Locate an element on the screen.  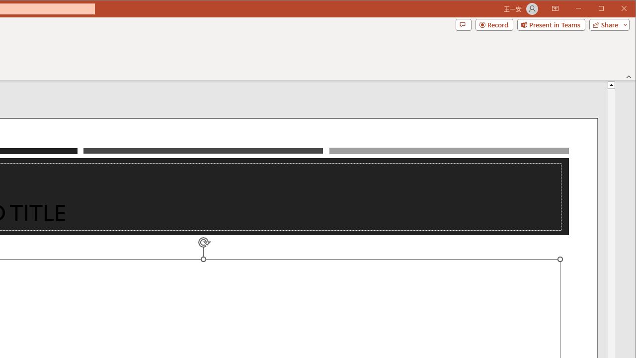
'Collapse the Ribbon' is located at coordinates (629, 76).